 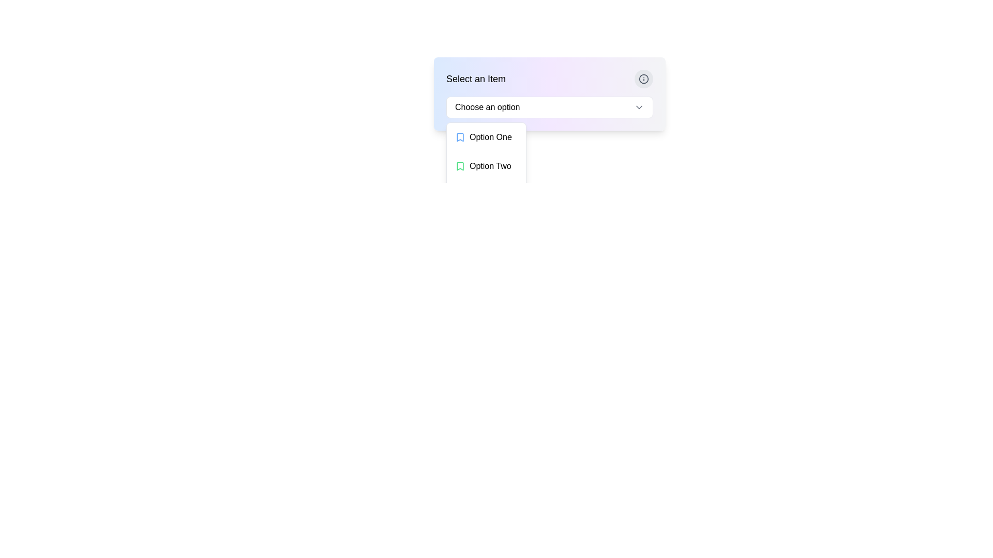 What do you see at coordinates (486, 165) in the screenshot?
I see `to select an option from the dropdown menu that appears below the 'Choose an option' button, which contains options with text descriptions and colored icons` at bounding box center [486, 165].